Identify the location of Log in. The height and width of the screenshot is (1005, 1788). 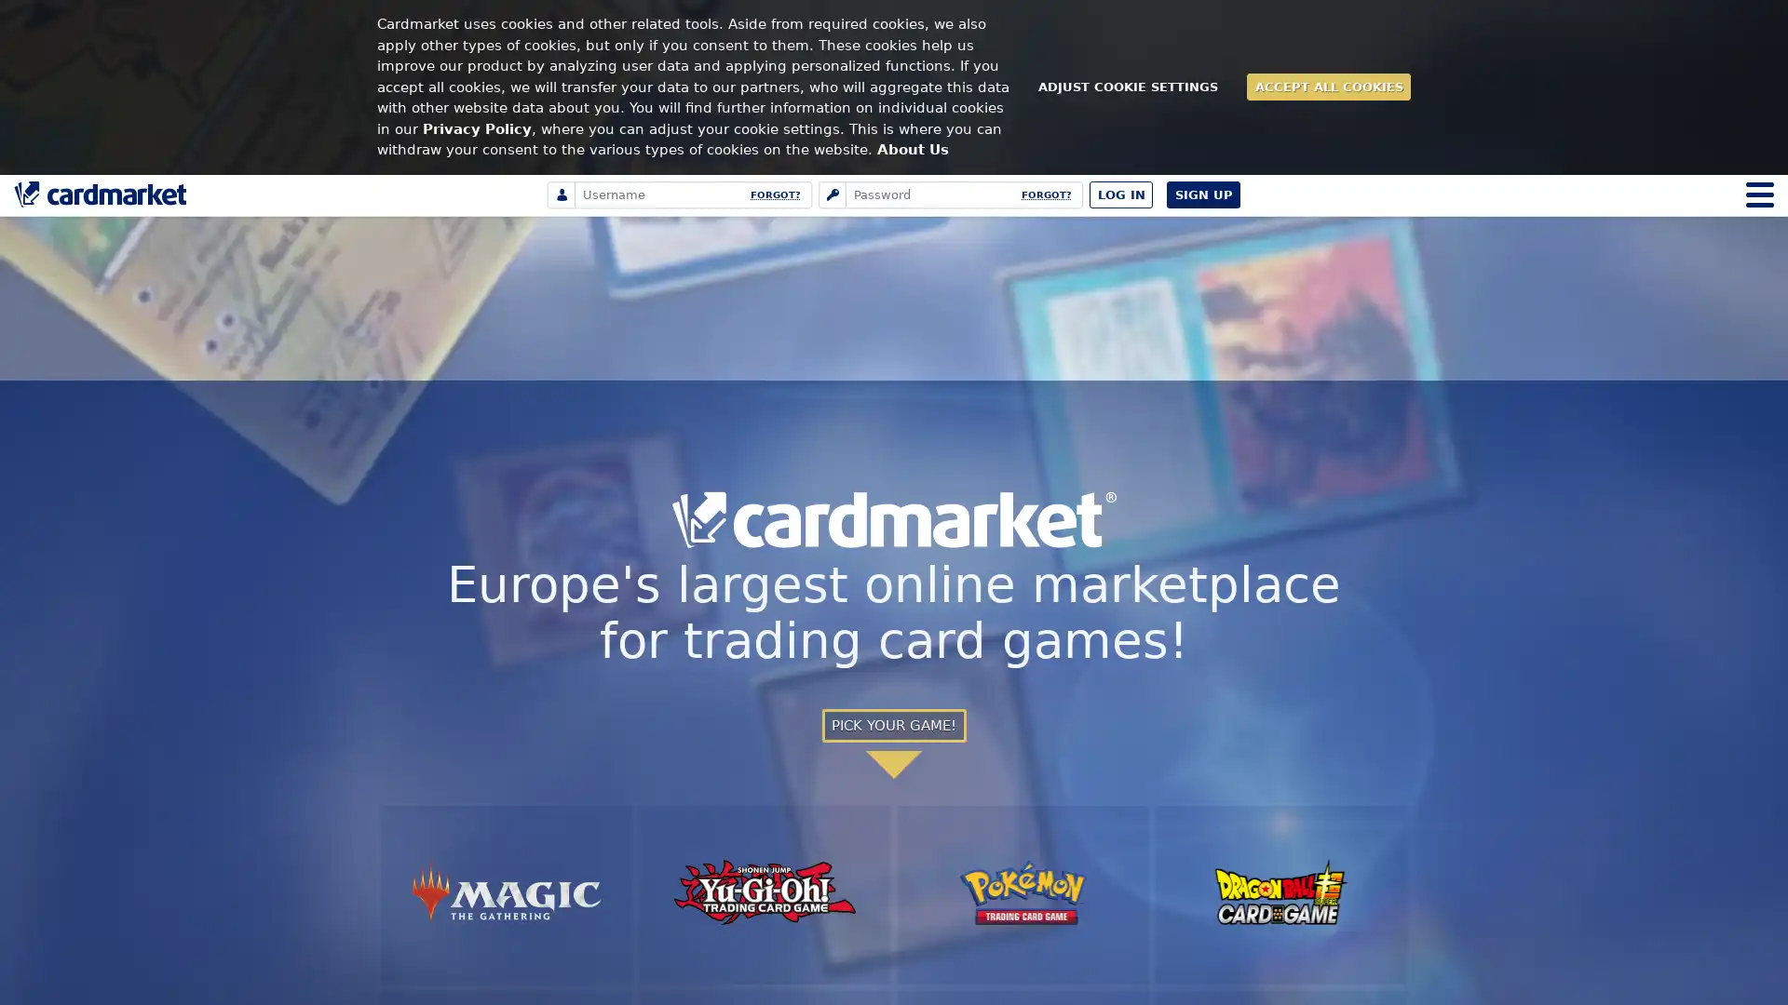
(1120, 194).